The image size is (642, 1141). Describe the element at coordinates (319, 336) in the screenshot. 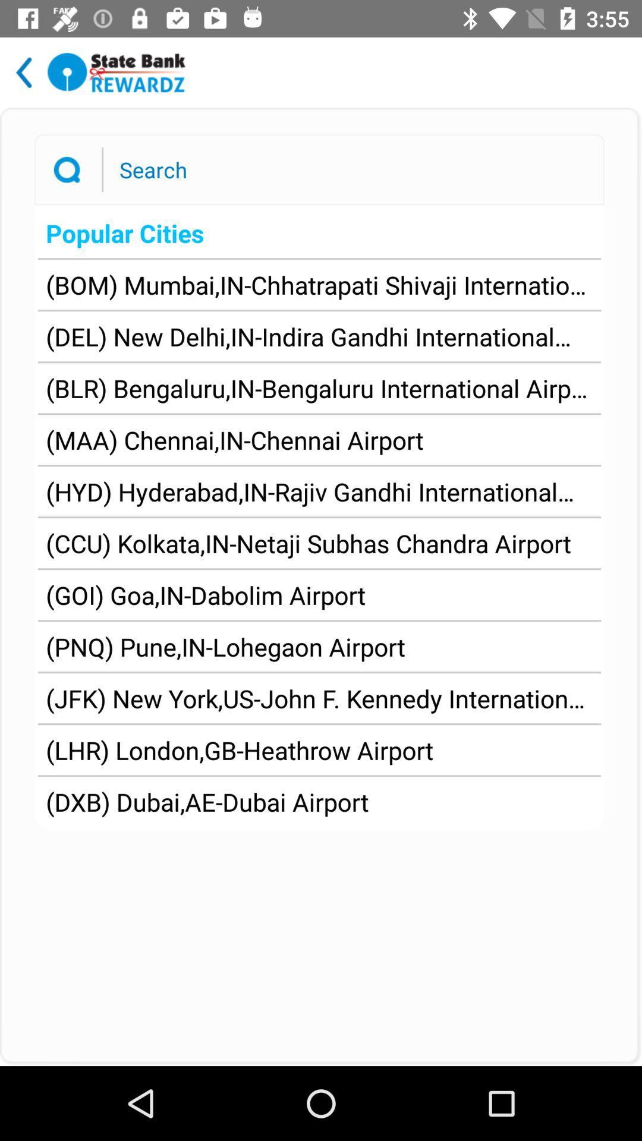

I see `icon above blr bengaluru in` at that location.